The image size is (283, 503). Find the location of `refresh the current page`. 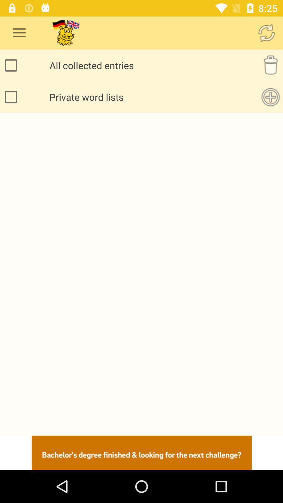

refresh the current page is located at coordinates (266, 32).